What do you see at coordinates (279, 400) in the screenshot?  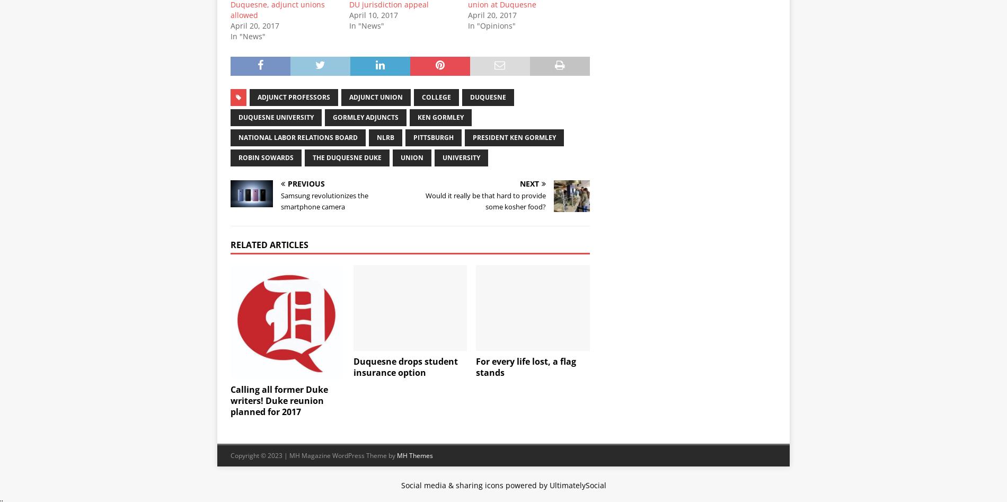 I see `'Calling all former Duke writers! Duke reunion planned for 2017'` at bounding box center [279, 400].